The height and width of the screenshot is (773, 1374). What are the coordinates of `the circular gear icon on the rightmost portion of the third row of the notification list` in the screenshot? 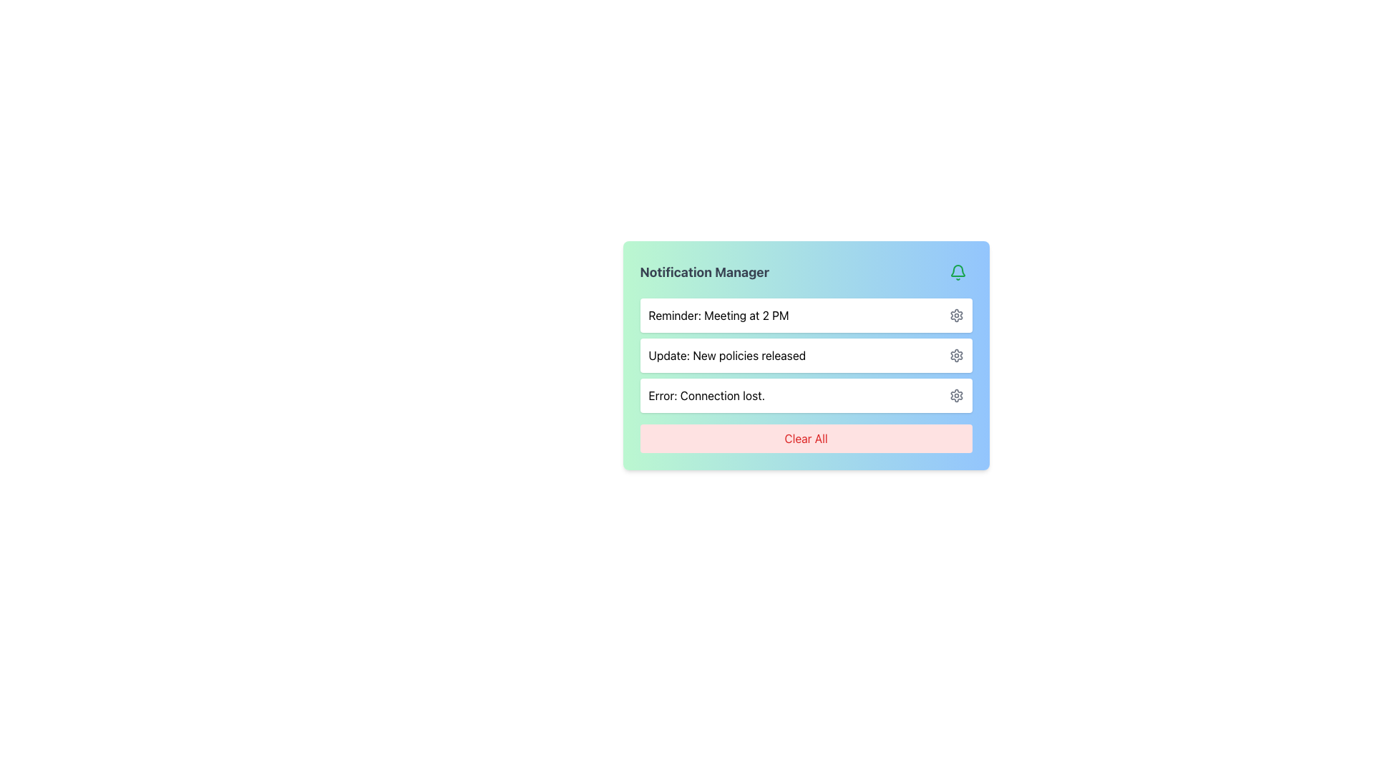 It's located at (956, 395).